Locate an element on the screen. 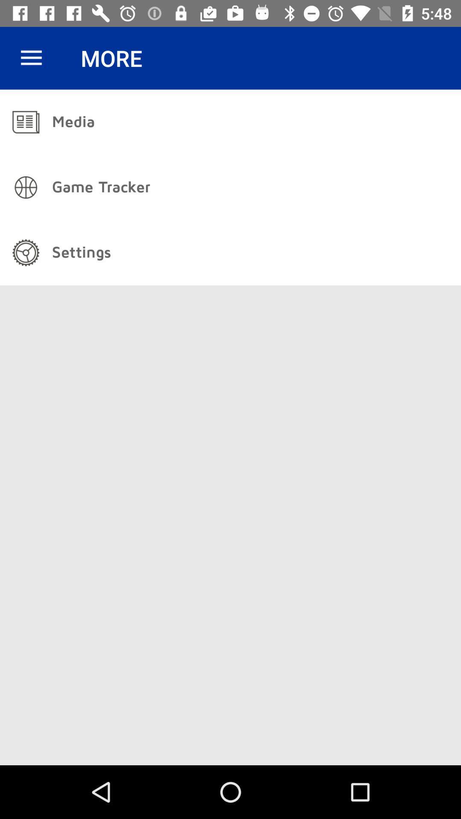  item to the left of the more is located at coordinates (31, 58).